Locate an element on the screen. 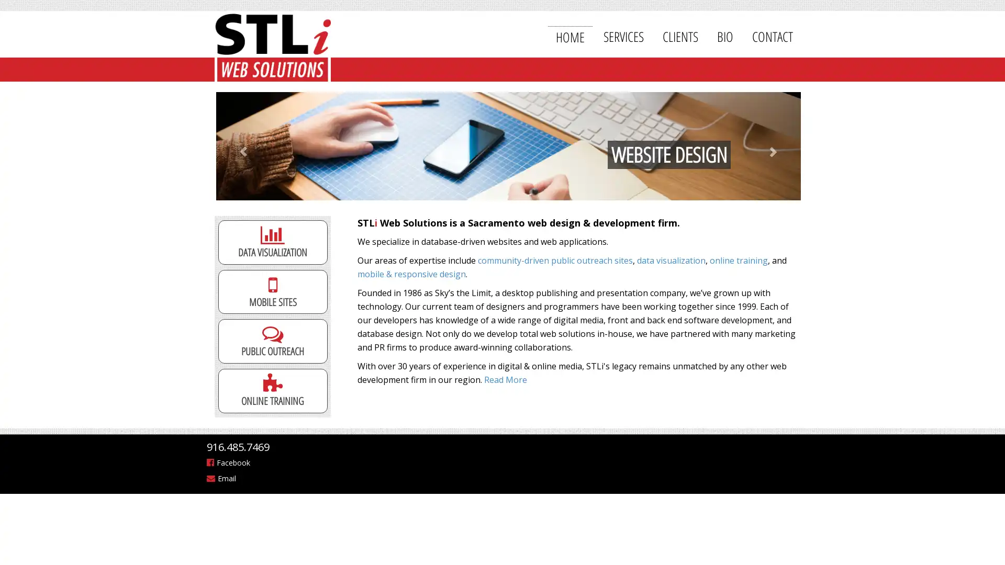 Image resolution: width=1005 pixels, height=565 pixels. Next is located at coordinates (763, 146).